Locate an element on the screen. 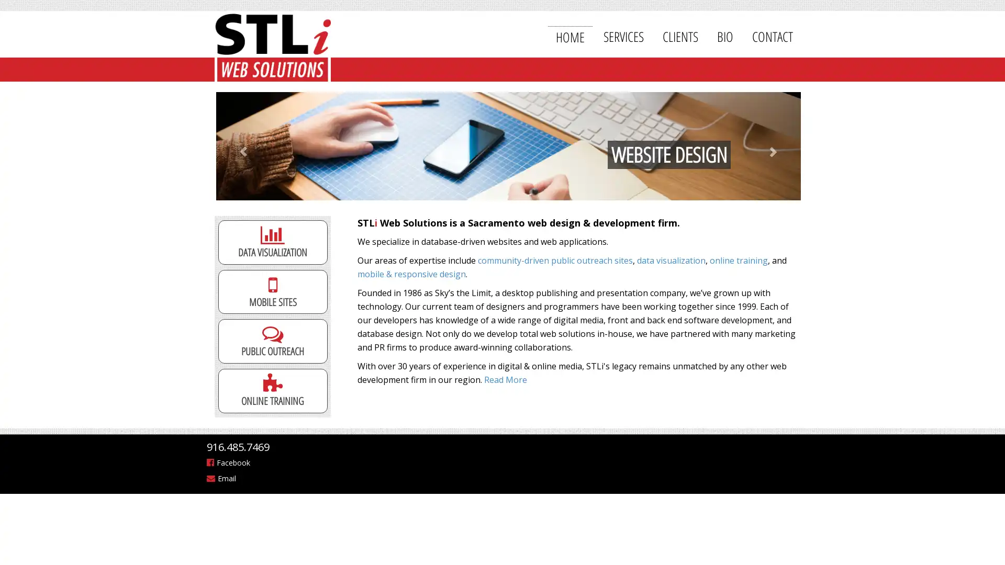 Image resolution: width=1005 pixels, height=565 pixels. Next is located at coordinates (763, 146).